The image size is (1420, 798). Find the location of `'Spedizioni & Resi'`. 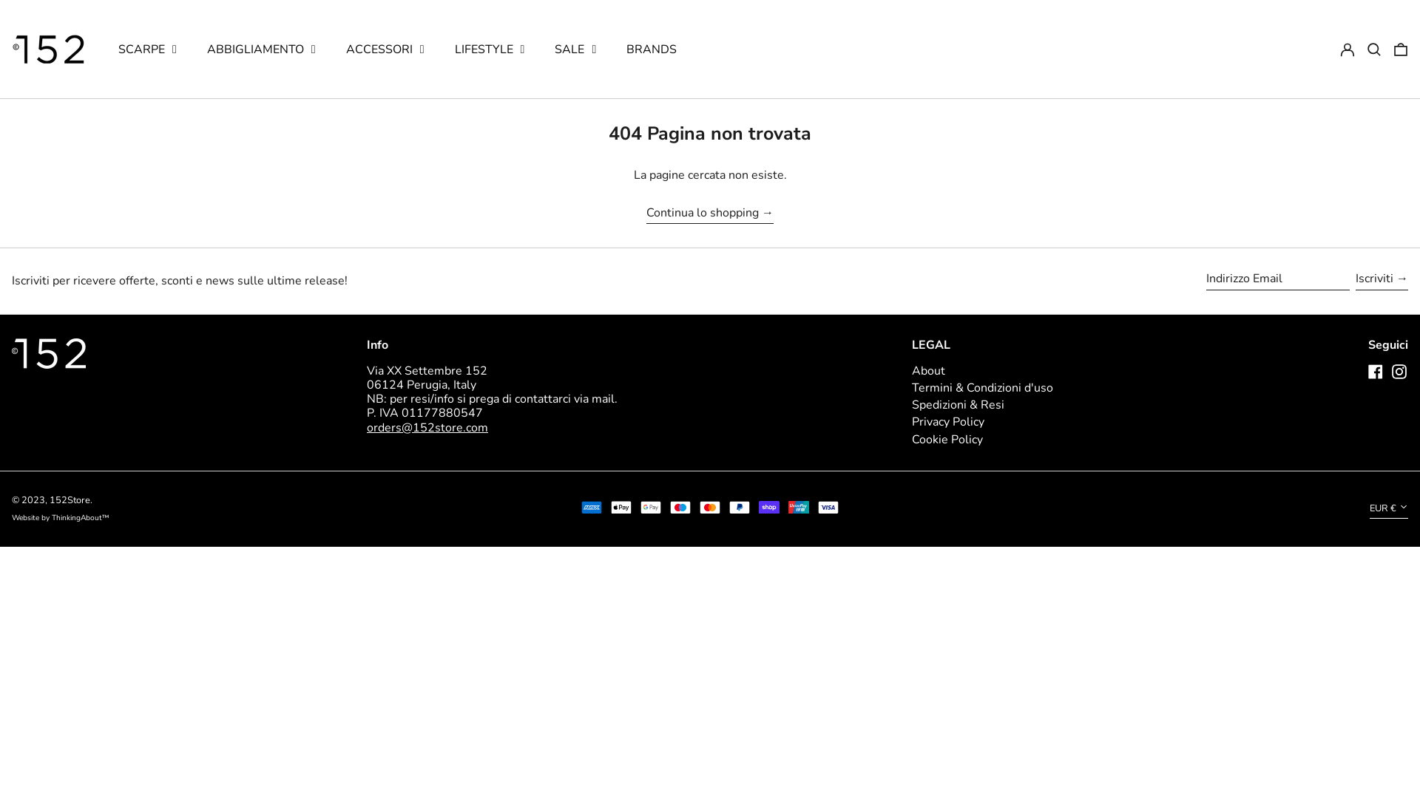

'Spedizioni & Resi' is located at coordinates (958, 404).